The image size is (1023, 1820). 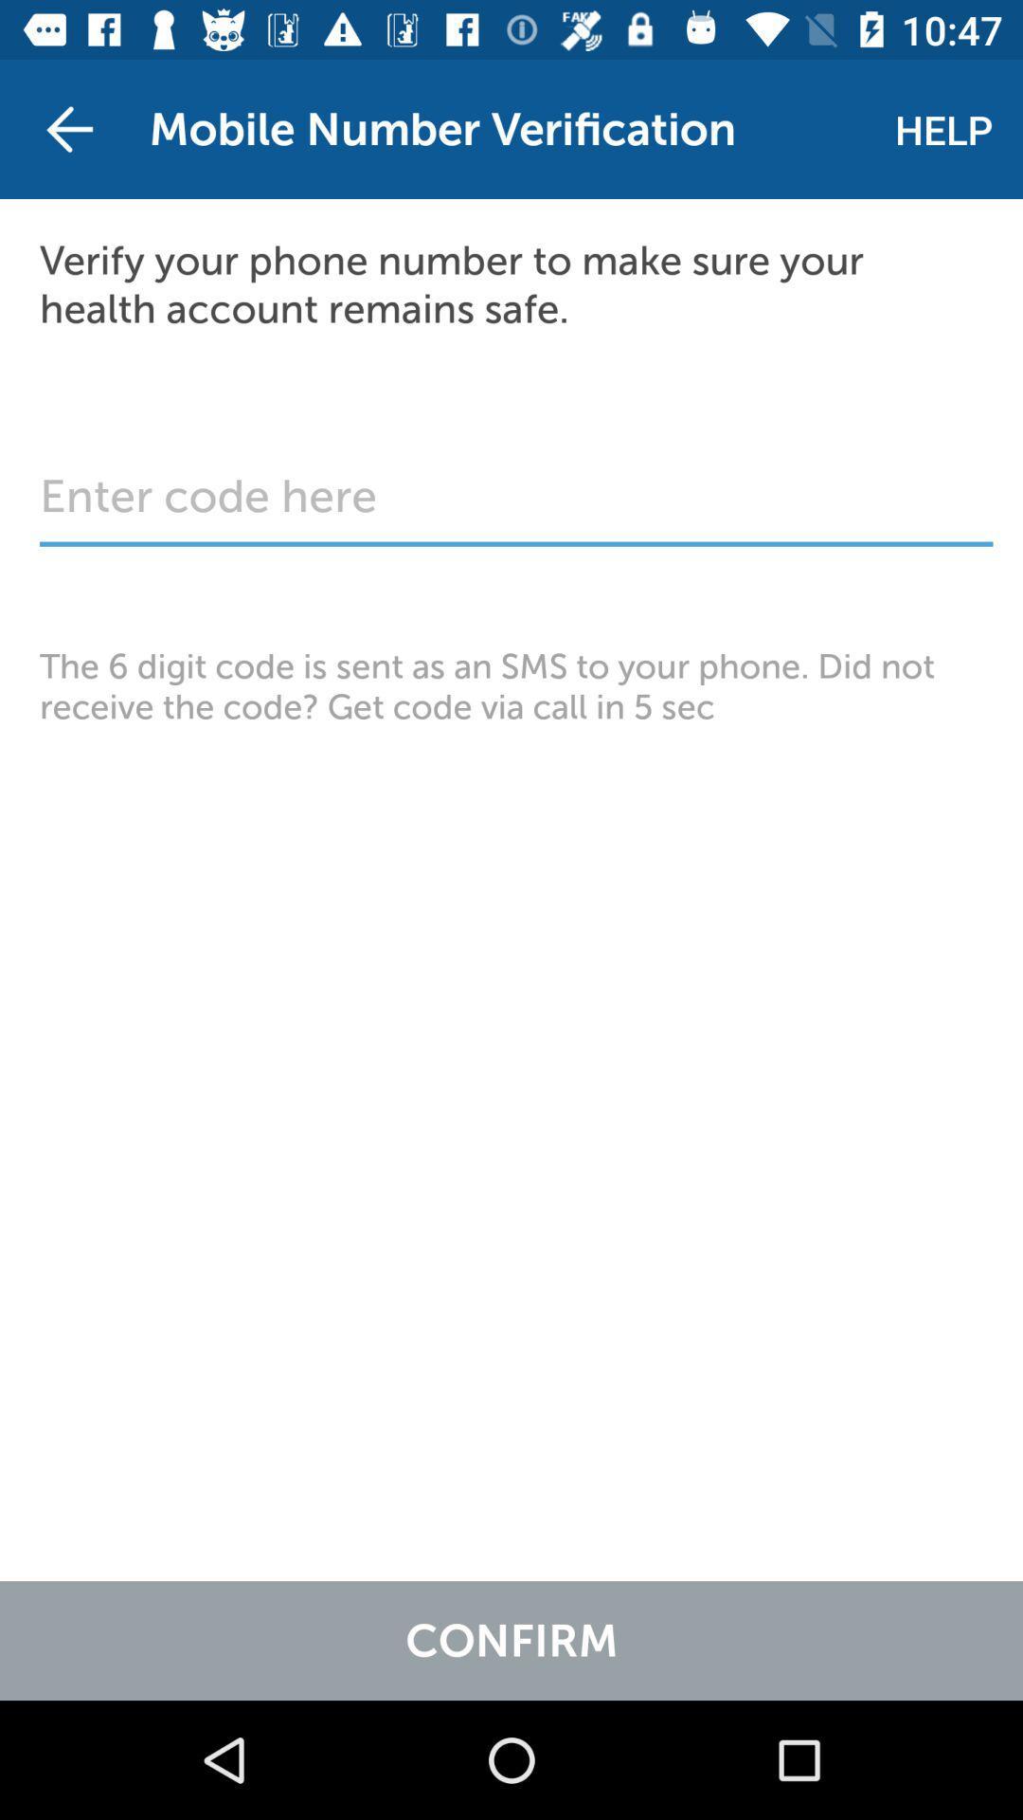 What do you see at coordinates (68, 128) in the screenshot?
I see `the item next to the mobile number verification icon` at bounding box center [68, 128].